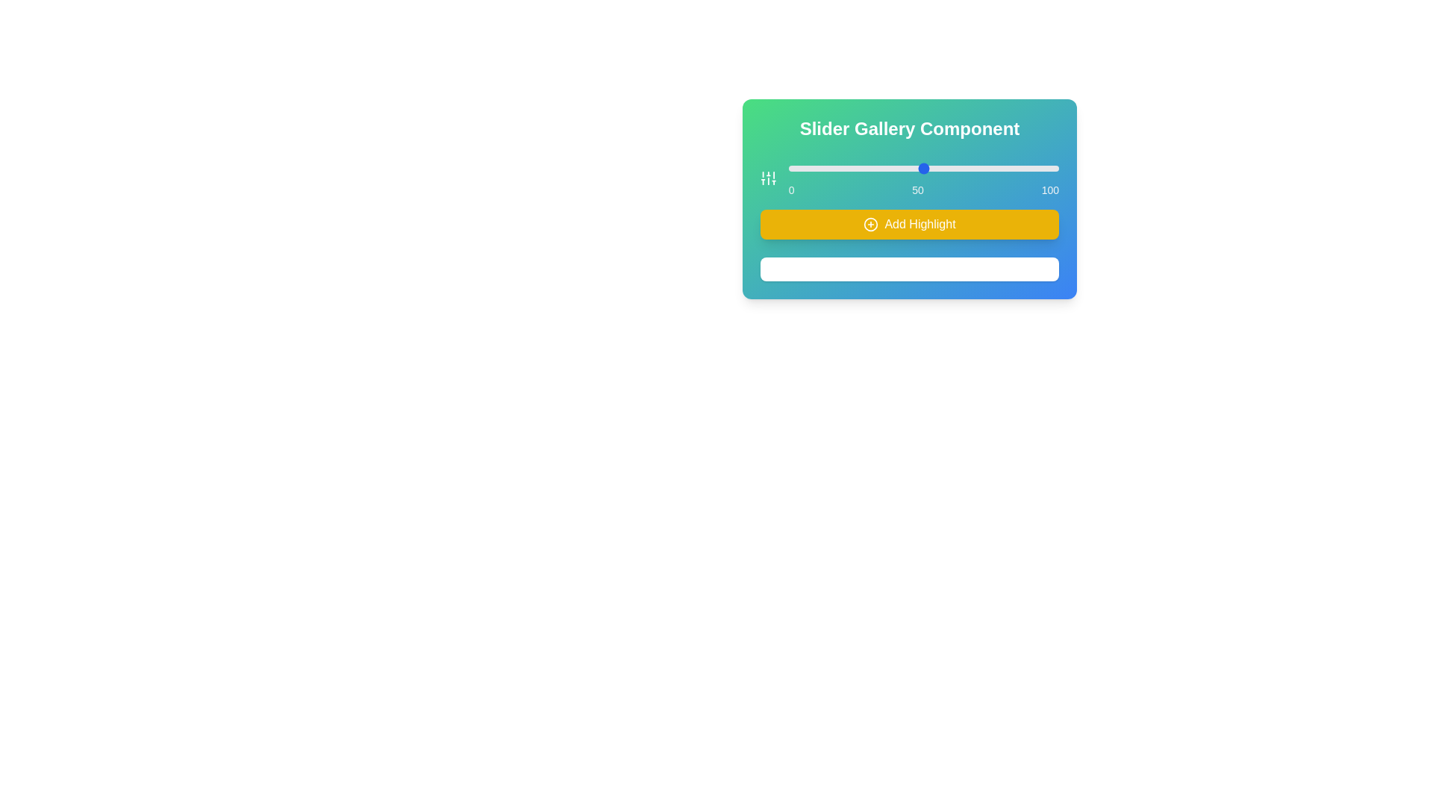  I want to click on the static label indicating the upper end of the numerical range (100) associated with the slider component, positioned at the far-right end among the numbers '0', '50', '100', so click(1049, 189).